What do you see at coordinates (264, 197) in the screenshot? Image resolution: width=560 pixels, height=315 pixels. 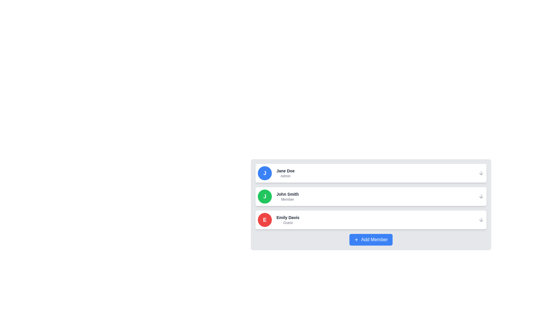 I see `the circular profile icon representing user 'John Smith', located on the left side of the second profile card in the central section of the interface` at bounding box center [264, 197].